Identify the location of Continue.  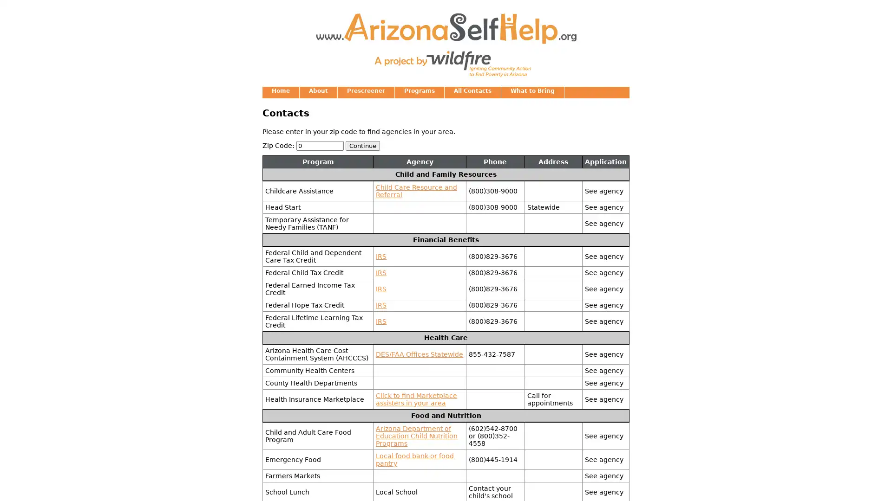
(362, 145).